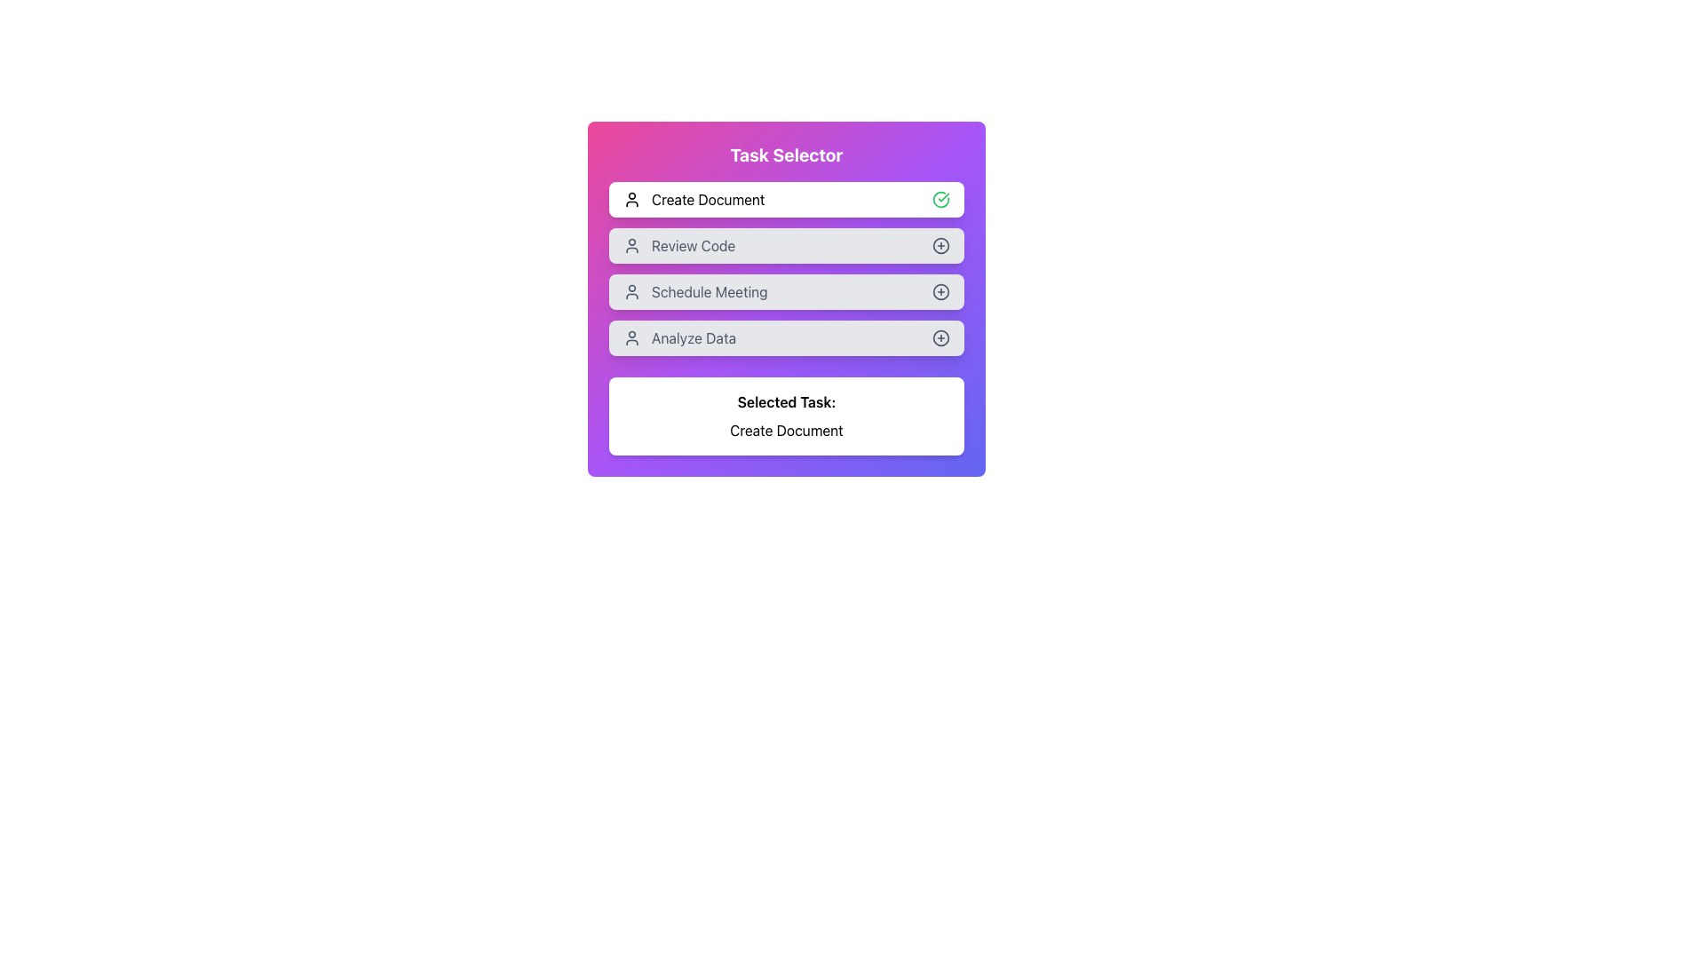 The height and width of the screenshot is (959, 1705). I want to click on the decorative icon associated with the 'Create Document' task, located at the top left of the first row in the interactive card, so click(631, 199).